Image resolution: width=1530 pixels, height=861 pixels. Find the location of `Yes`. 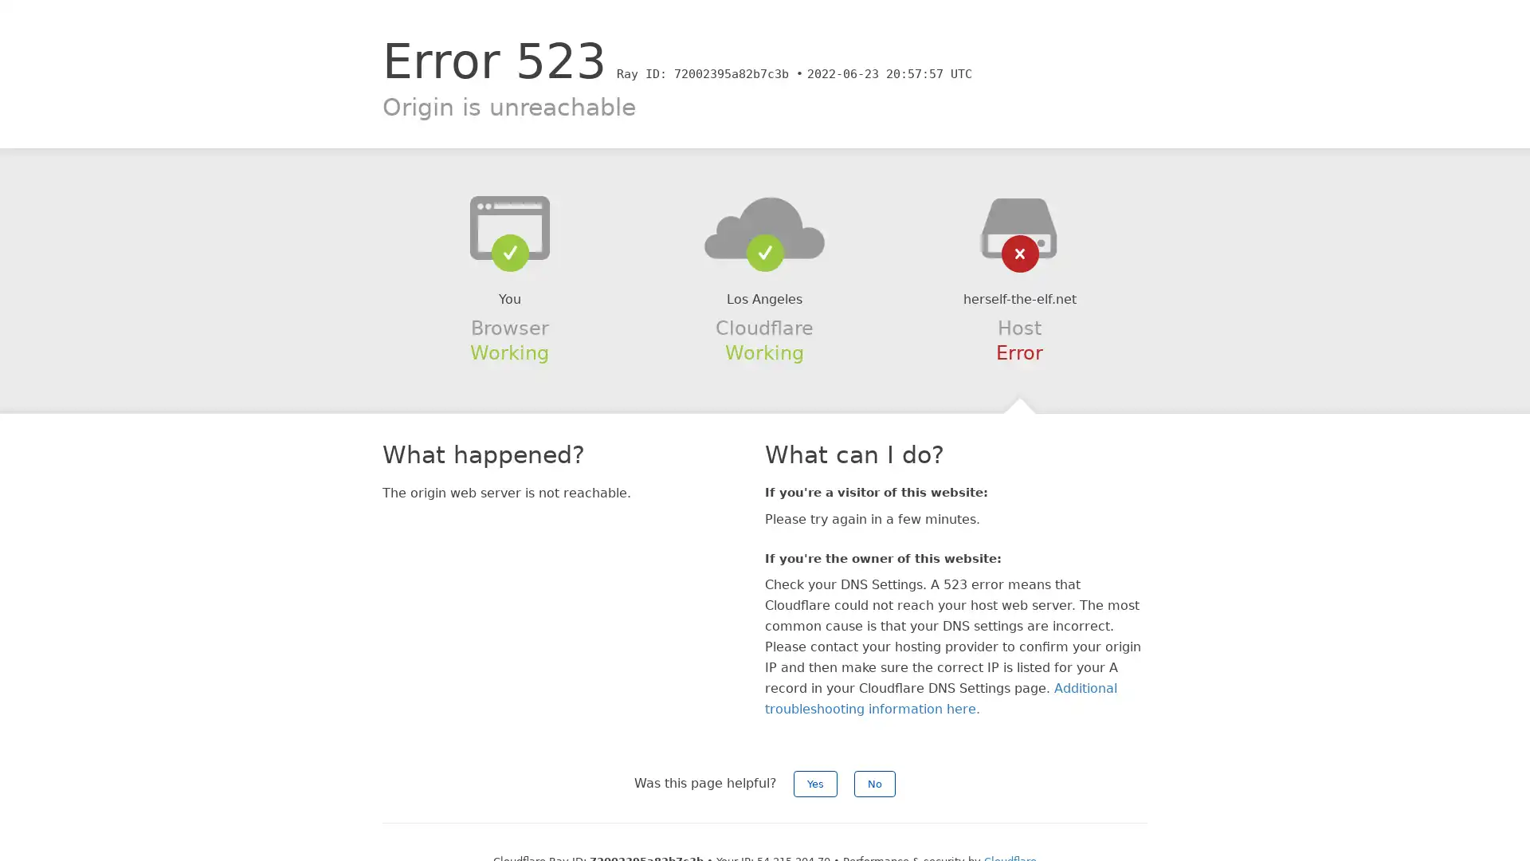

Yes is located at coordinates (815, 783).